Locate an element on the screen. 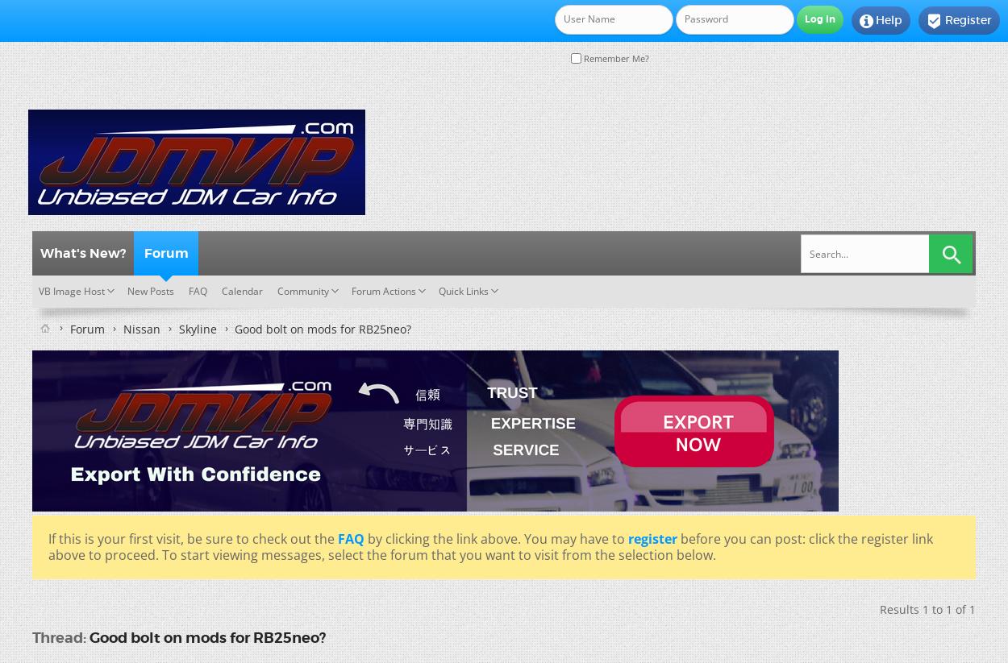  'Forum Actions' is located at coordinates (383, 290).